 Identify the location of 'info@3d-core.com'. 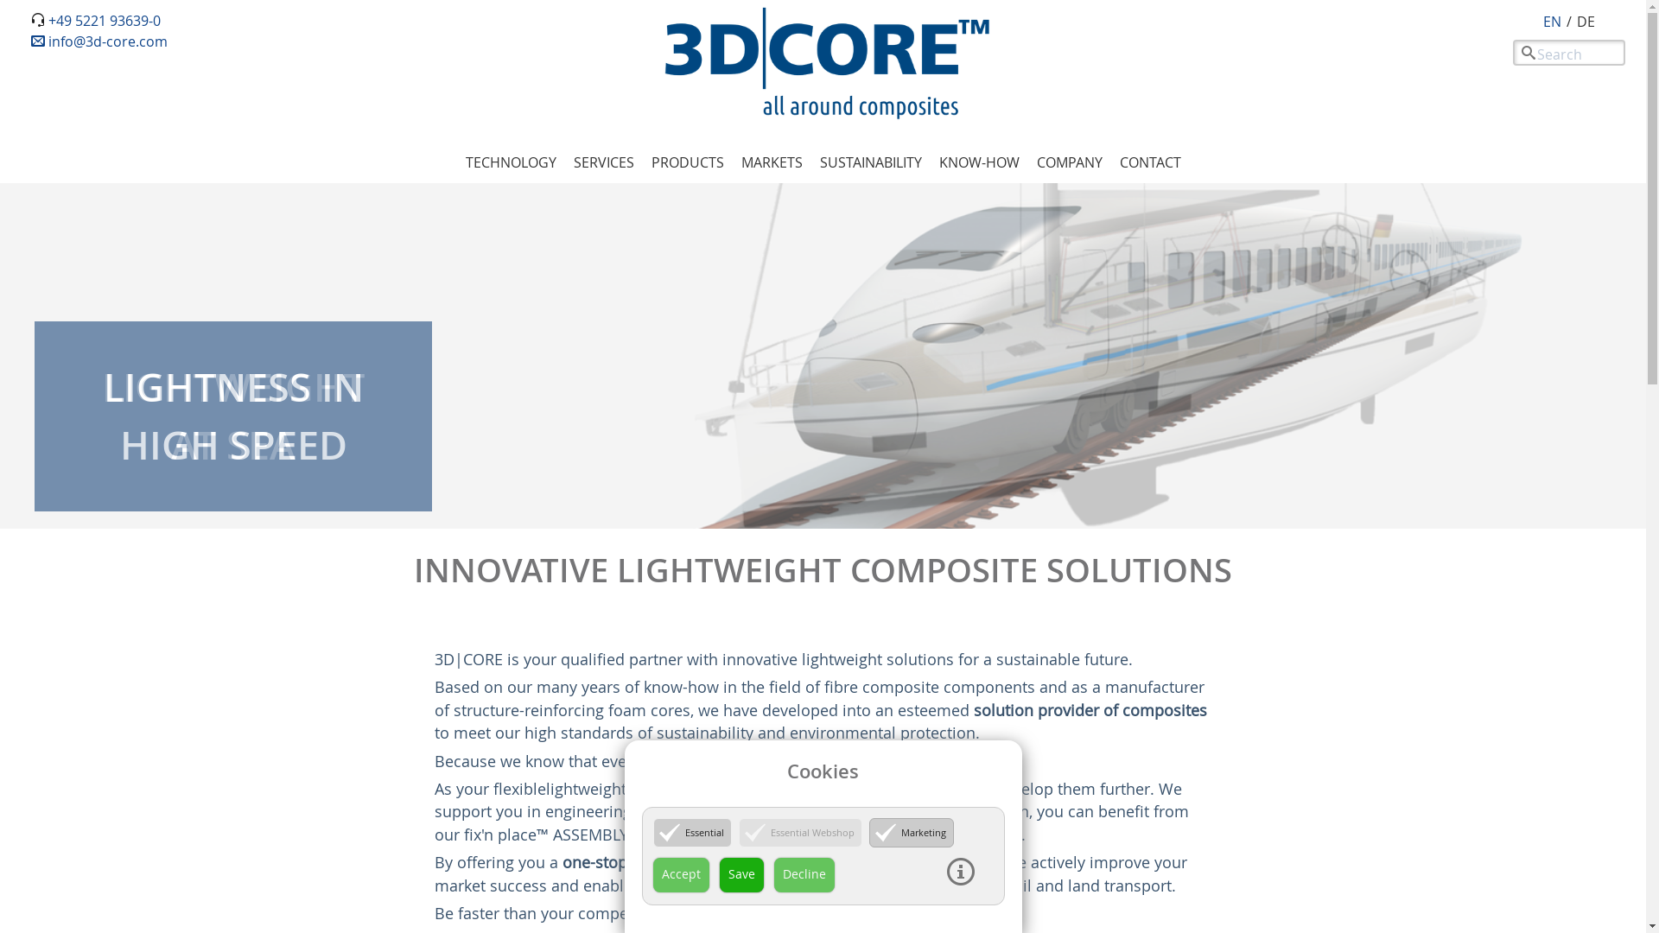
(99, 40).